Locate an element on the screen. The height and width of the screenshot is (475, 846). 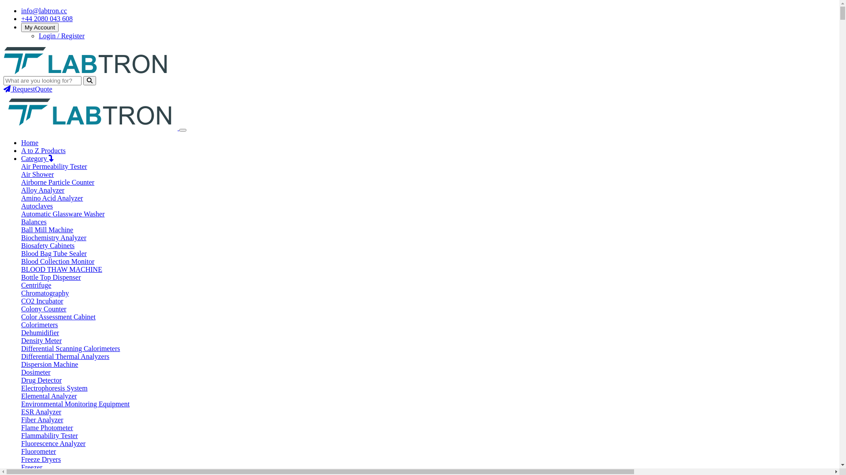
'Fiber Analyzer' is located at coordinates (42, 419).